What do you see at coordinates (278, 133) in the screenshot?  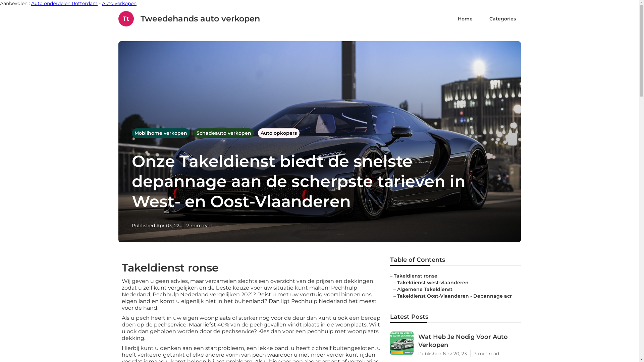 I see `'Auto opkopers'` at bounding box center [278, 133].